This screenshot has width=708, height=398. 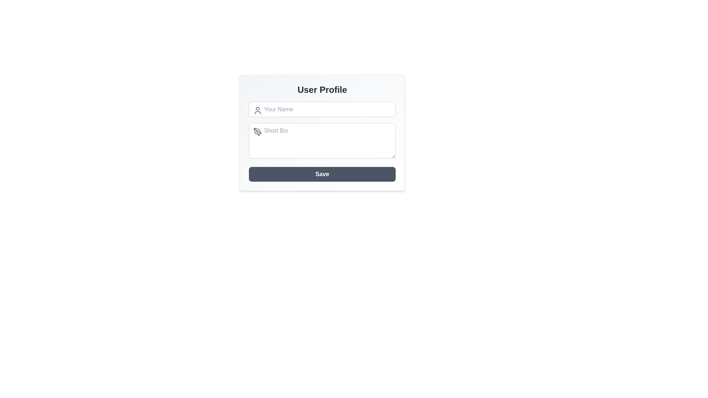 What do you see at coordinates (260, 133) in the screenshot?
I see `the SVG icon located to the left of the placeholder text in the 'Short Bio' input field, which visually associates the input field with its purpose` at bounding box center [260, 133].